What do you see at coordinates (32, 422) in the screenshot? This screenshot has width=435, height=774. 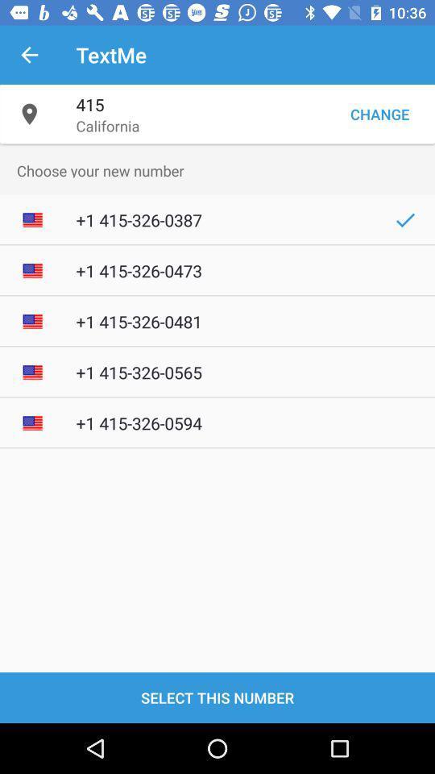 I see `the mini image left to 1 4153260594` at bounding box center [32, 422].